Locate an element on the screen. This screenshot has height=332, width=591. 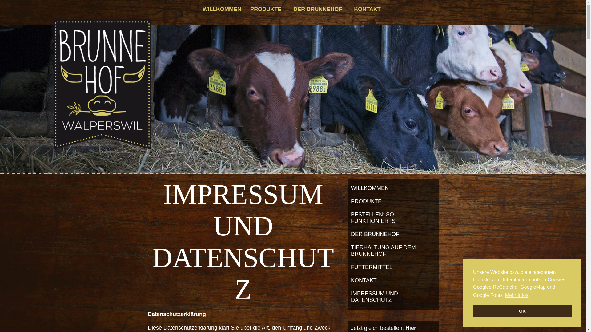
'OK' is located at coordinates (522, 311).